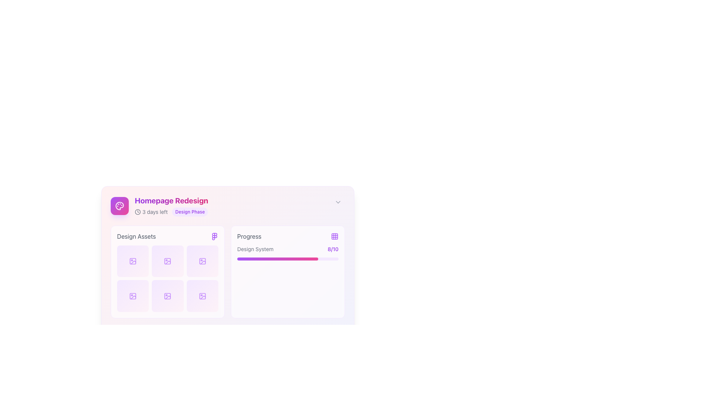 The image size is (723, 406). Describe the element at coordinates (136, 236) in the screenshot. I see `the text label reading 'Design Assets', which is styled in gray and positioned at the top-left of a group of icons` at that location.